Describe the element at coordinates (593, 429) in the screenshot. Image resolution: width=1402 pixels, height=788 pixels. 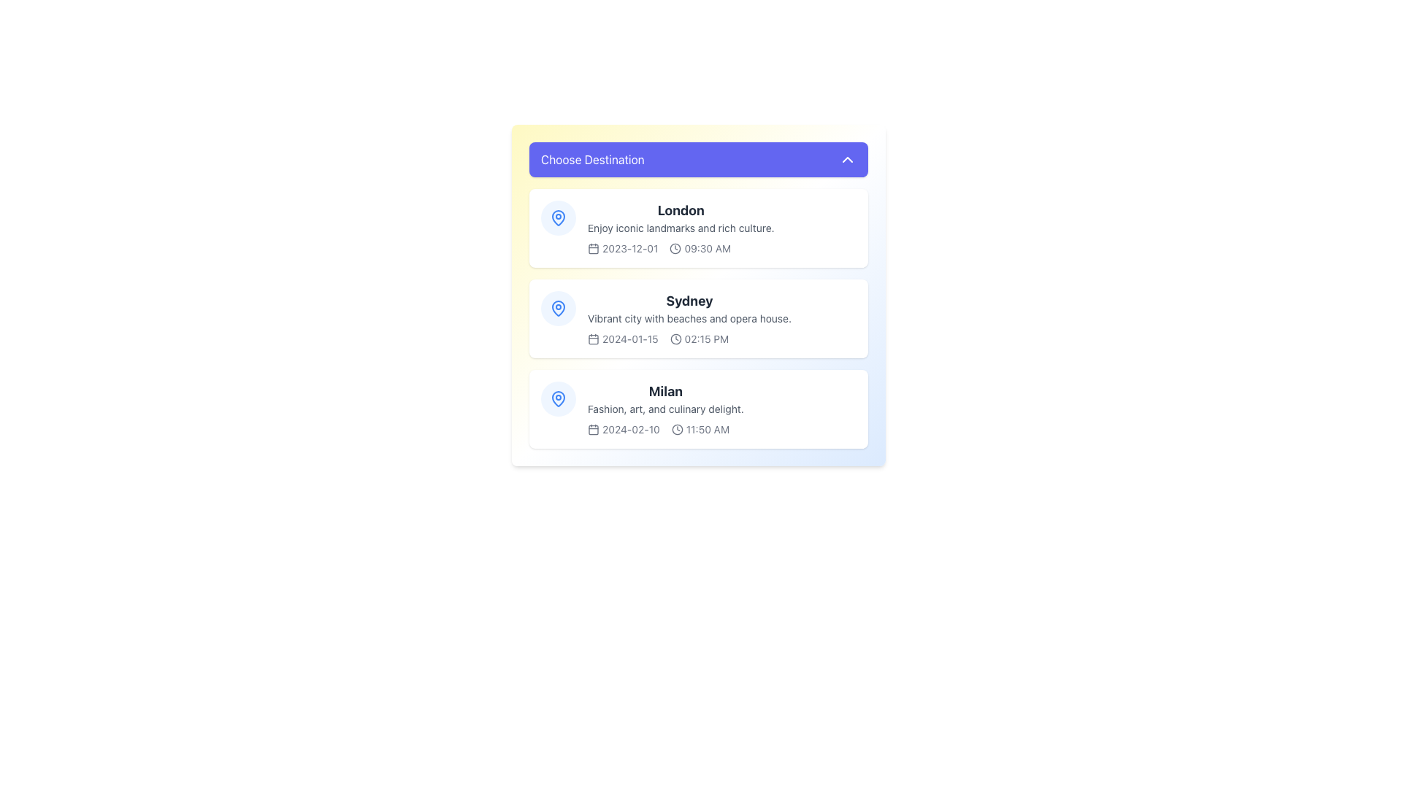
I see `the central icon element of the calendar, which is a small square with rounded corners styled with a red fill, located adjacent to the date text for Milan's travel date` at that location.